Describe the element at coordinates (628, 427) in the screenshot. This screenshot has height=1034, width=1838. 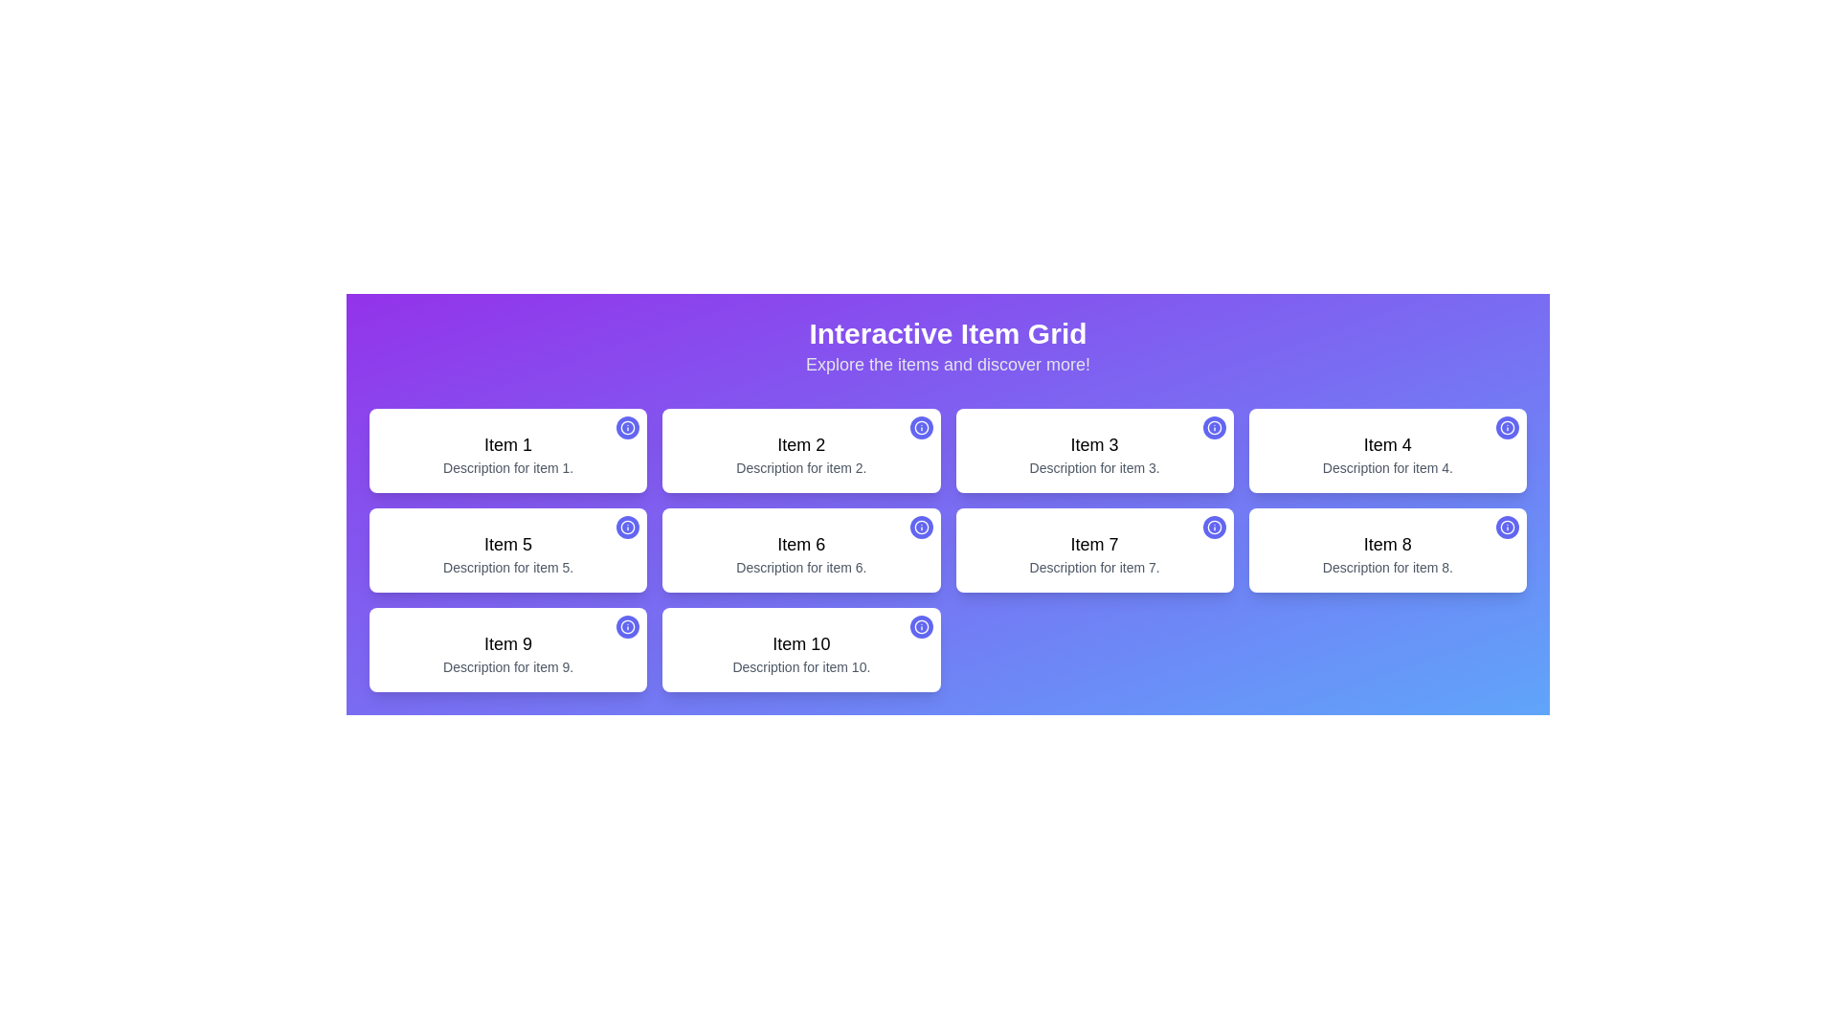
I see `the circular button with a white center and indigo background, located in the top-right corner of the card labeled 'Item 1'` at that location.